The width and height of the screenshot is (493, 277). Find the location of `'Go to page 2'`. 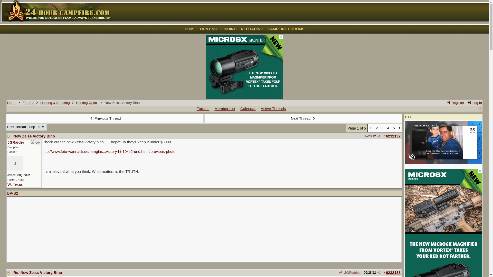

'Go to page 2' is located at coordinates (396, 128).